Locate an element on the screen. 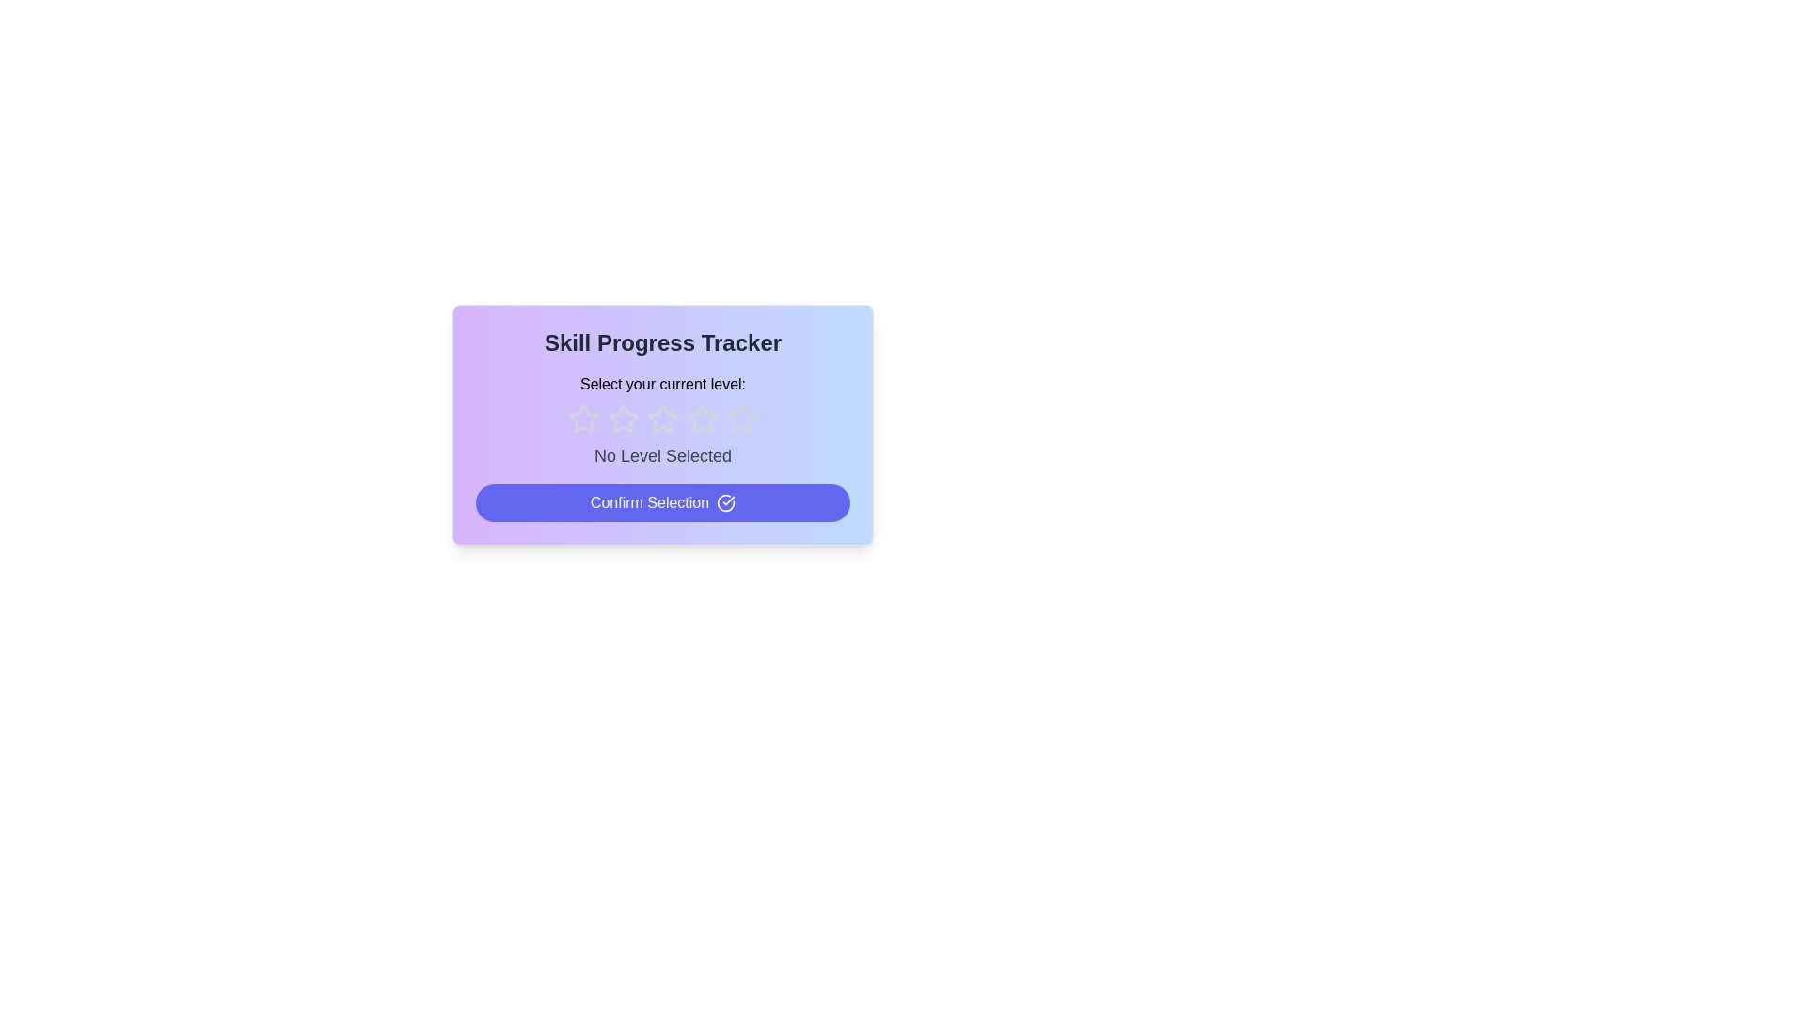 The image size is (1806, 1016). the rating to 1 stars by clicking on the corresponding star is located at coordinates (582, 419).